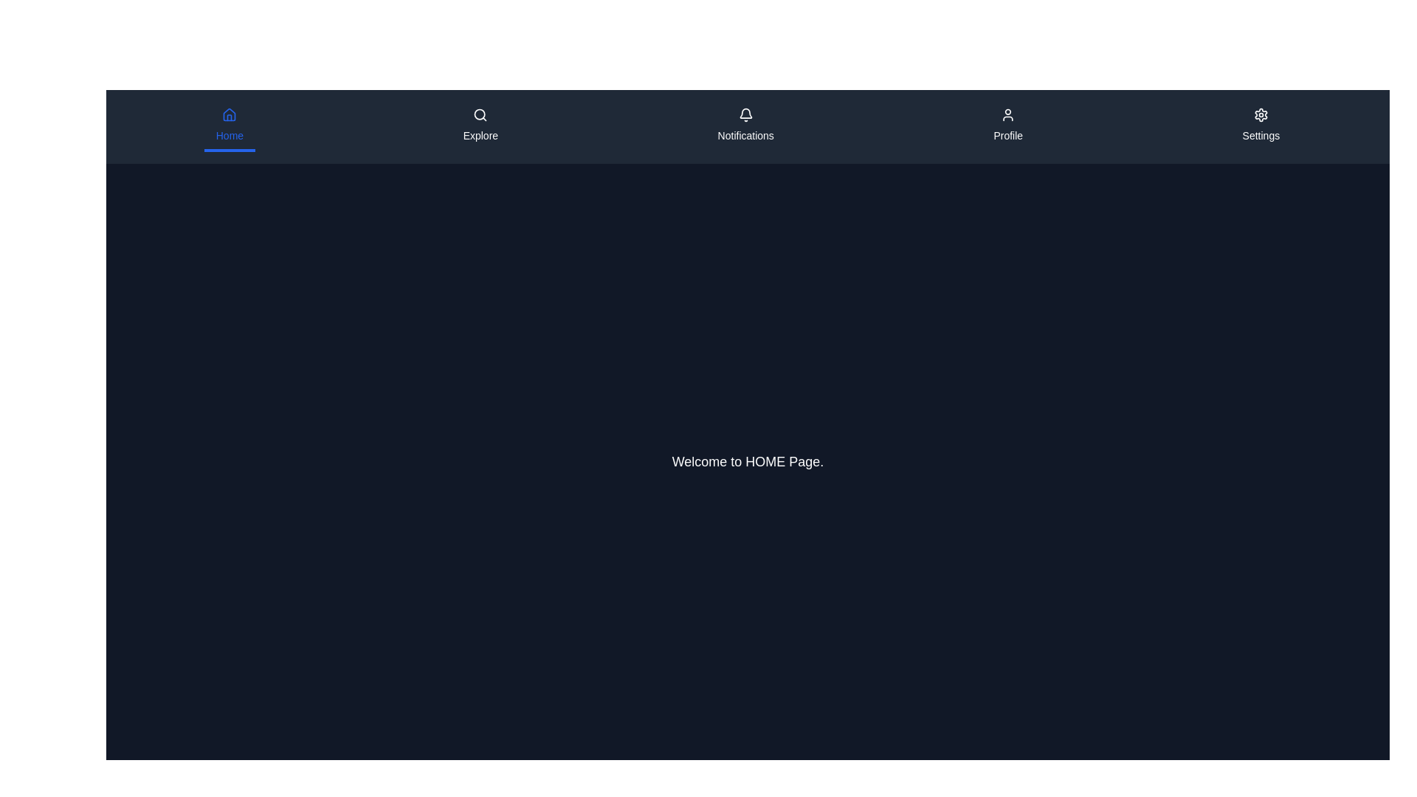 Image resolution: width=1417 pixels, height=797 pixels. I want to click on the notification bell icon in the top navigation bar, which is styled in white against a dark background, so click(745, 112).